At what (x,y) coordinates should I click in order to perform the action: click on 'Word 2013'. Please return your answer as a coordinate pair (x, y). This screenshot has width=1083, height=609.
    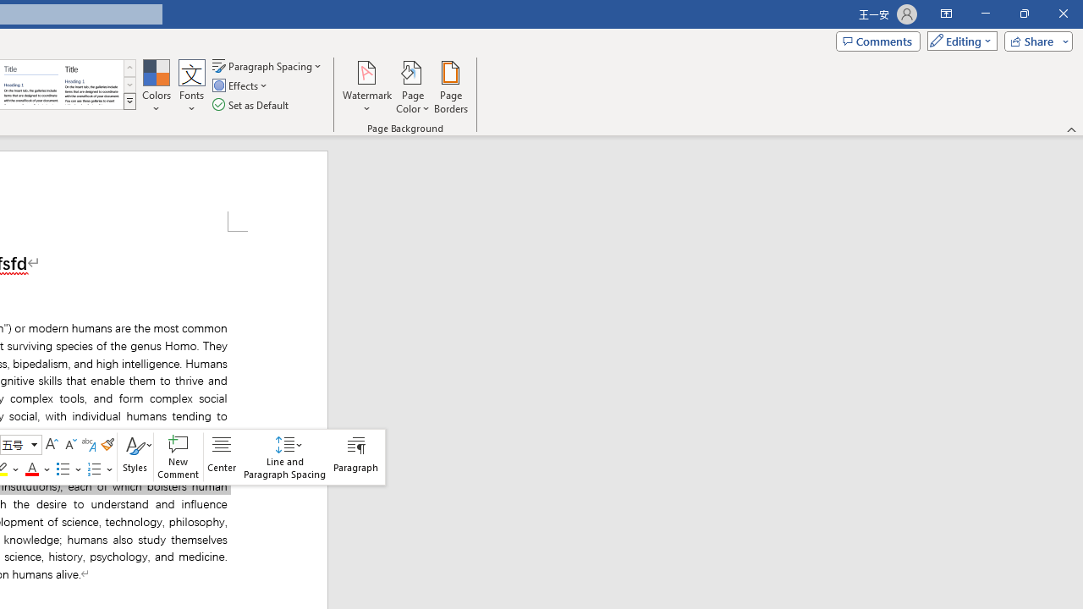
    Looking at the image, I should click on (91, 85).